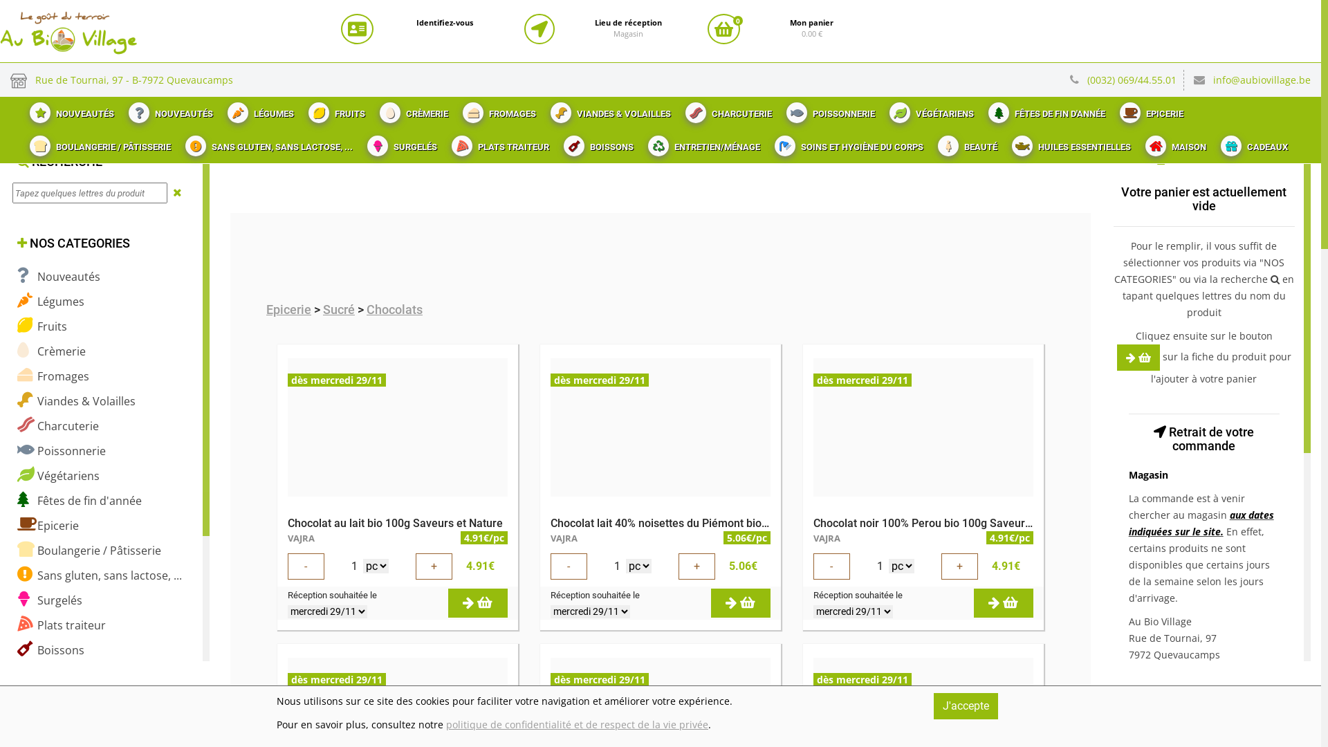  Describe the element at coordinates (1086, 80) in the screenshot. I see `'(0032) 069/44.55.01'` at that location.